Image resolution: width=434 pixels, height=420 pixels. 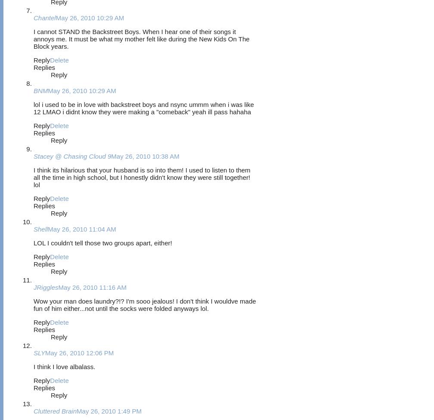 What do you see at coordinates (82, 229) in the screenshot?
I see `'May 26, 2010 11:04 AM'` at bounding box center [82, 229].